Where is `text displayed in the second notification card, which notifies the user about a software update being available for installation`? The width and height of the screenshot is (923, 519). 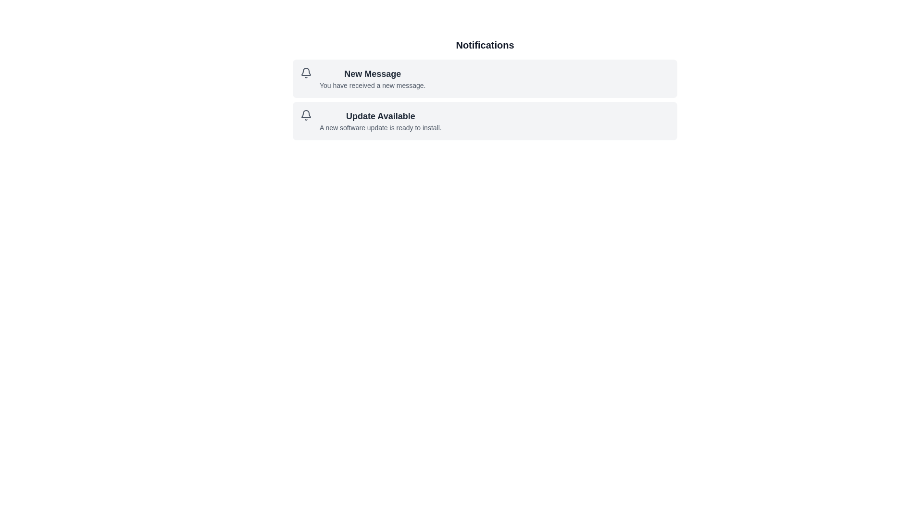 text displayed in the second notification card, which notifies the user about a software update being available for installation is located at coordinates (380, 120).